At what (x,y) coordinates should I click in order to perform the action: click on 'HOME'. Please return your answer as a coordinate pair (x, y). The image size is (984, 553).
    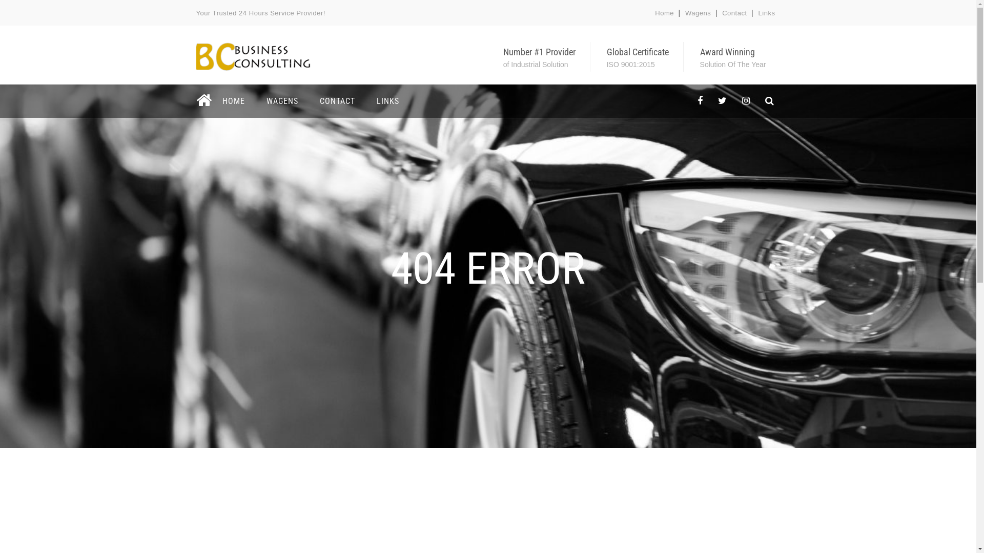
    Looking at the image, I should click on (215, 101).